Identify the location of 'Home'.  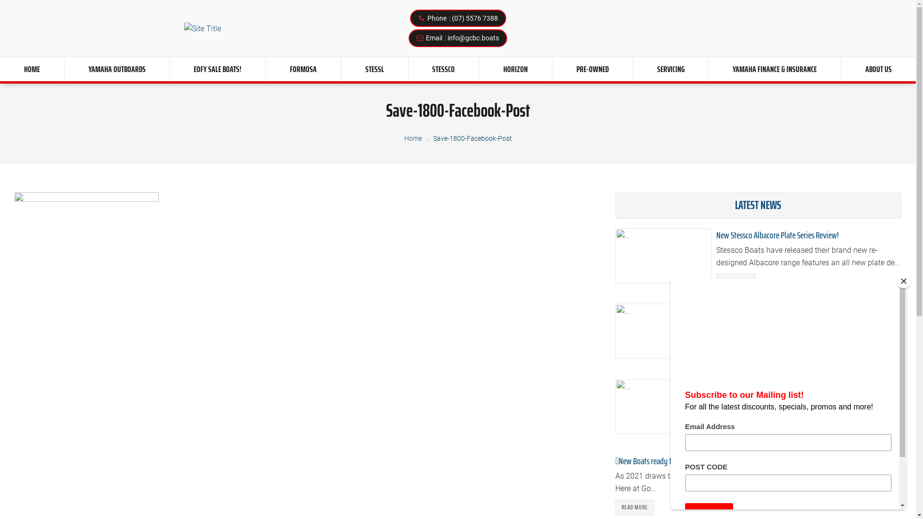
(412, 138).